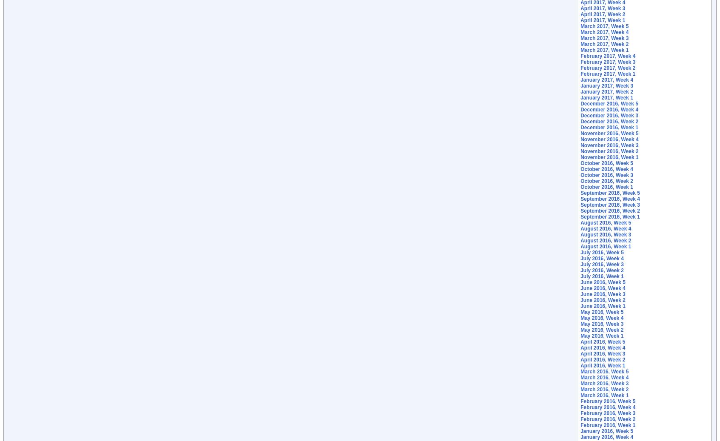 This screenshot has width=720, height=441. I want to click on 'August 2016, Week 2', so click(580, 240).